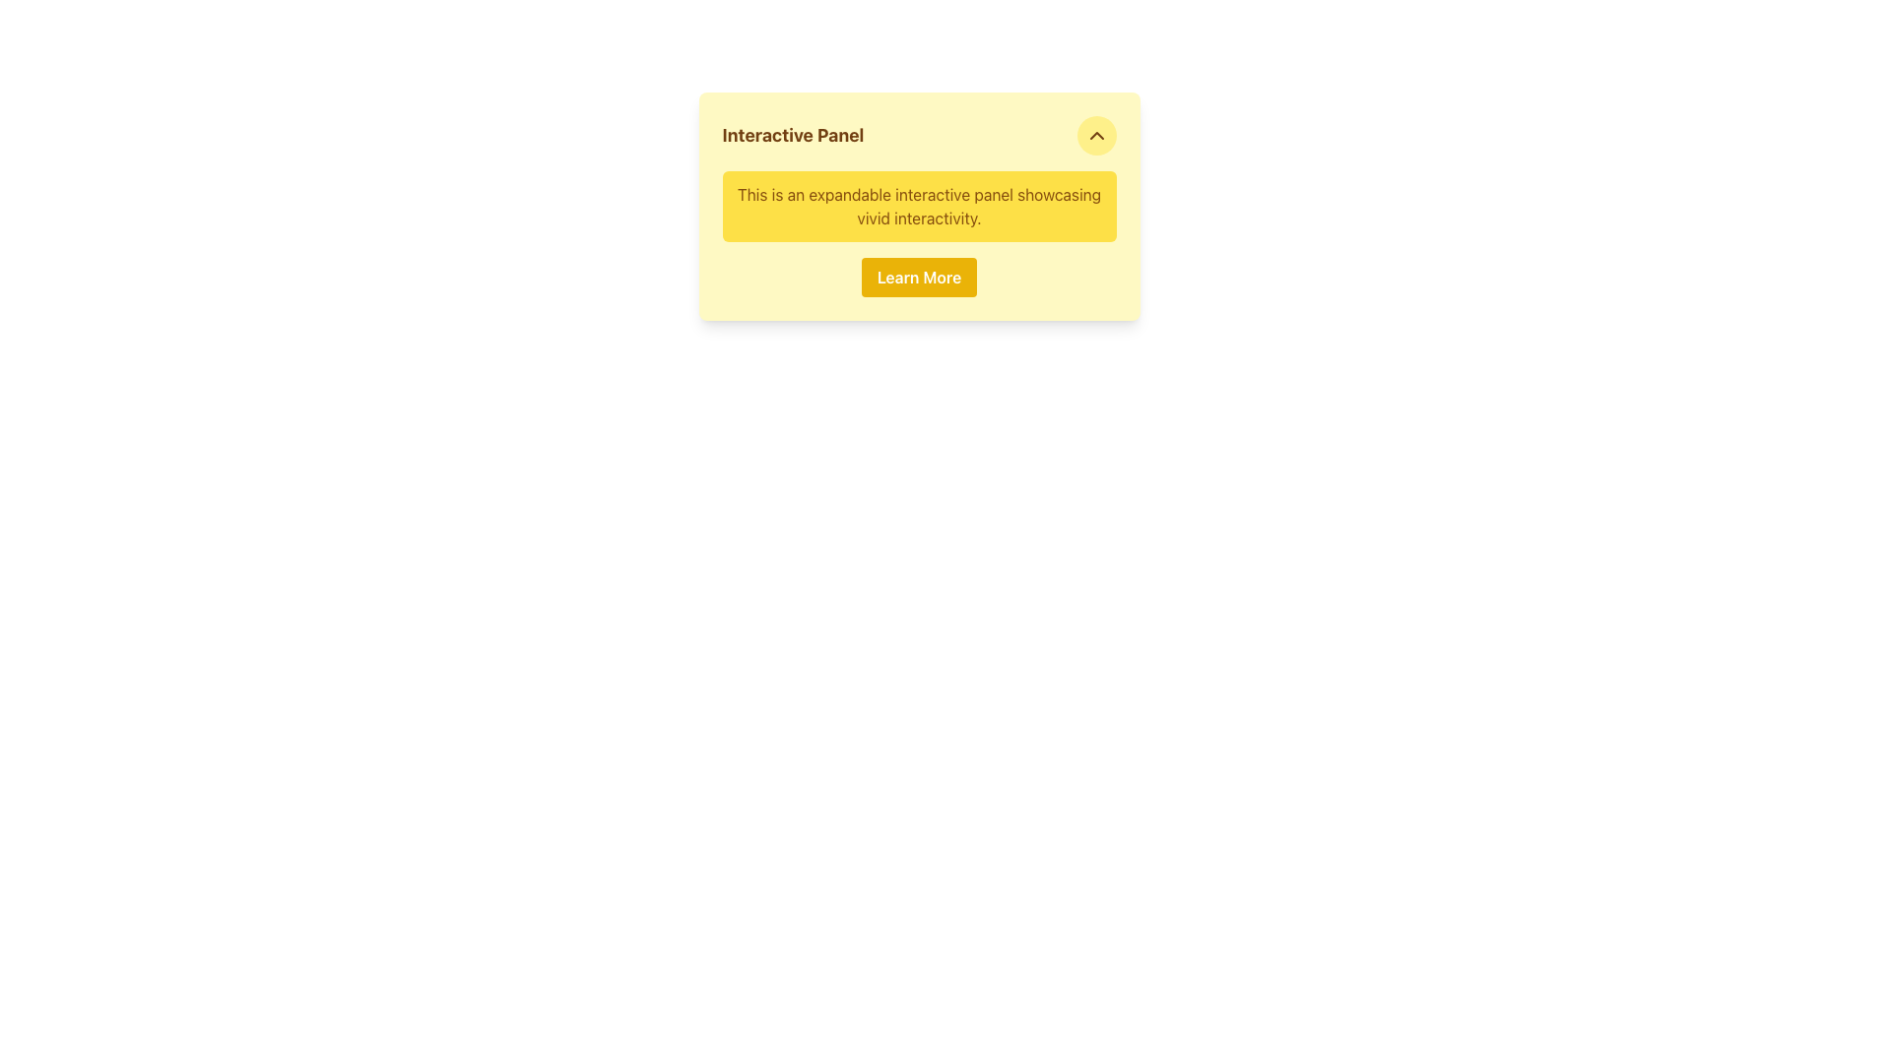 The width and height of the screenshot is (1891, 1063). Describe the element at coordinates (918, 206) in the screenshot. I see `the text element displaying 'This is an expandable interactive panel showcasing vivid interactivity.'` at that location.